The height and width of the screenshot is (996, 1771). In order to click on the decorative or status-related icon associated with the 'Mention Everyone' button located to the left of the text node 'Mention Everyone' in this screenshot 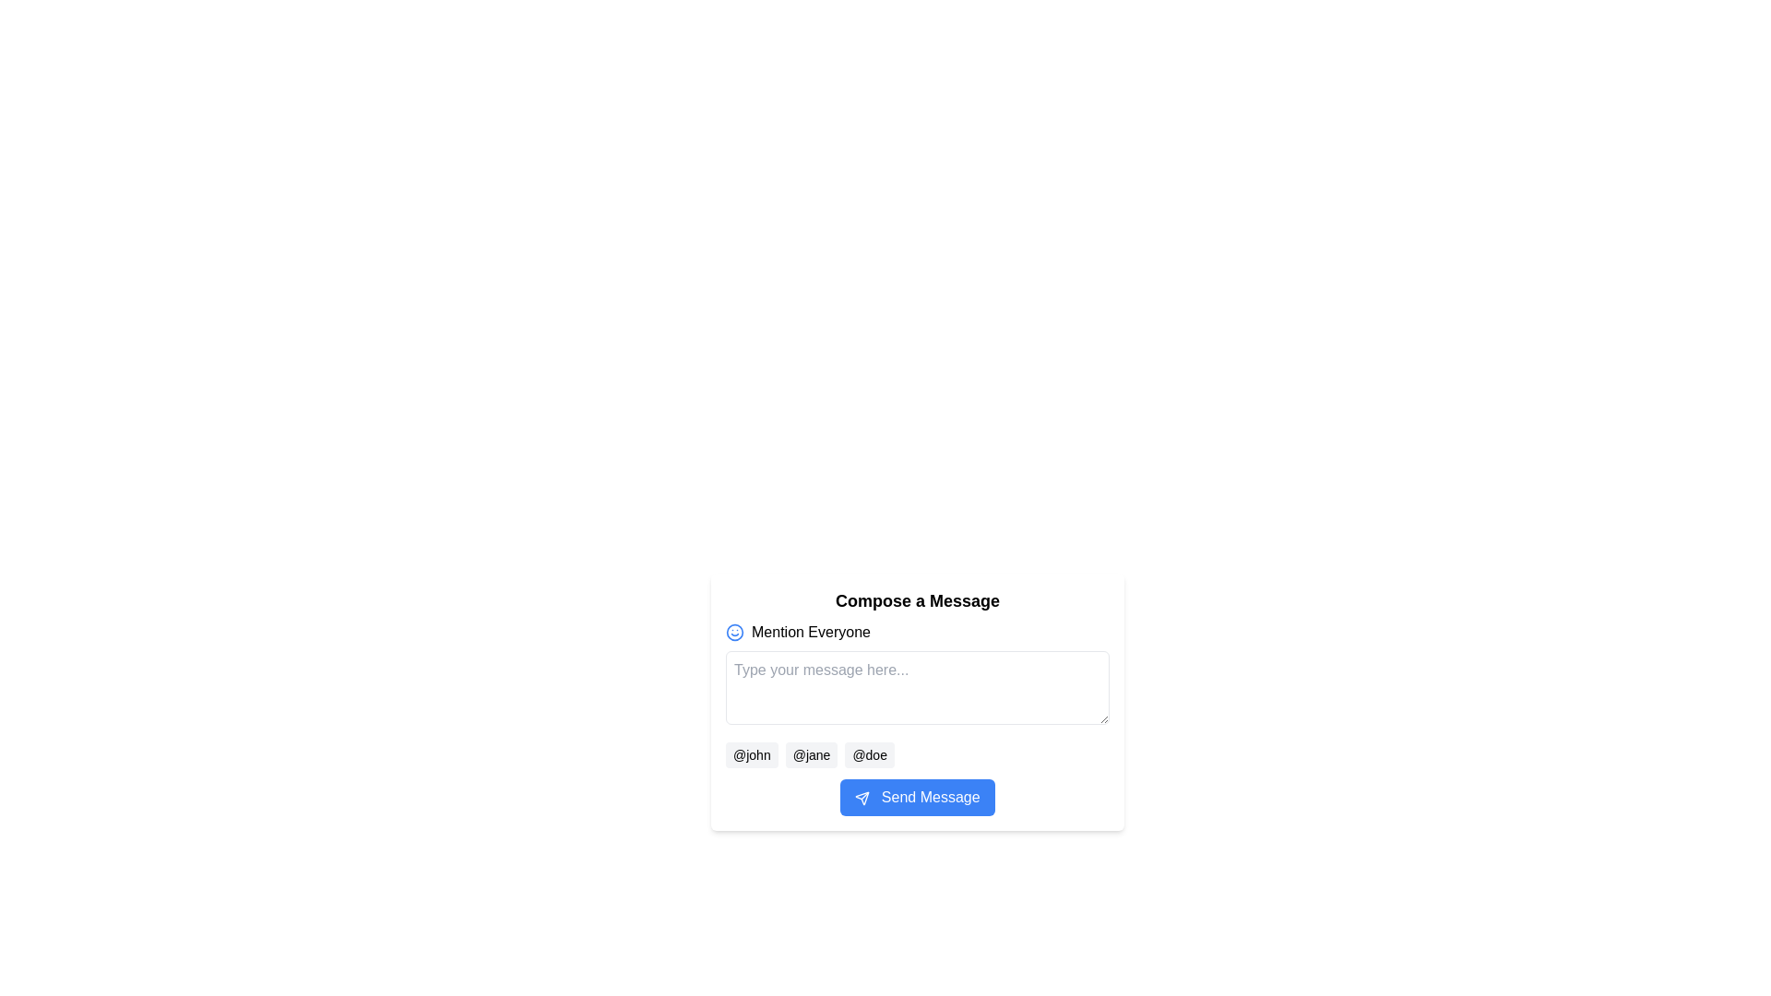, I will do `click(733, 632)`.